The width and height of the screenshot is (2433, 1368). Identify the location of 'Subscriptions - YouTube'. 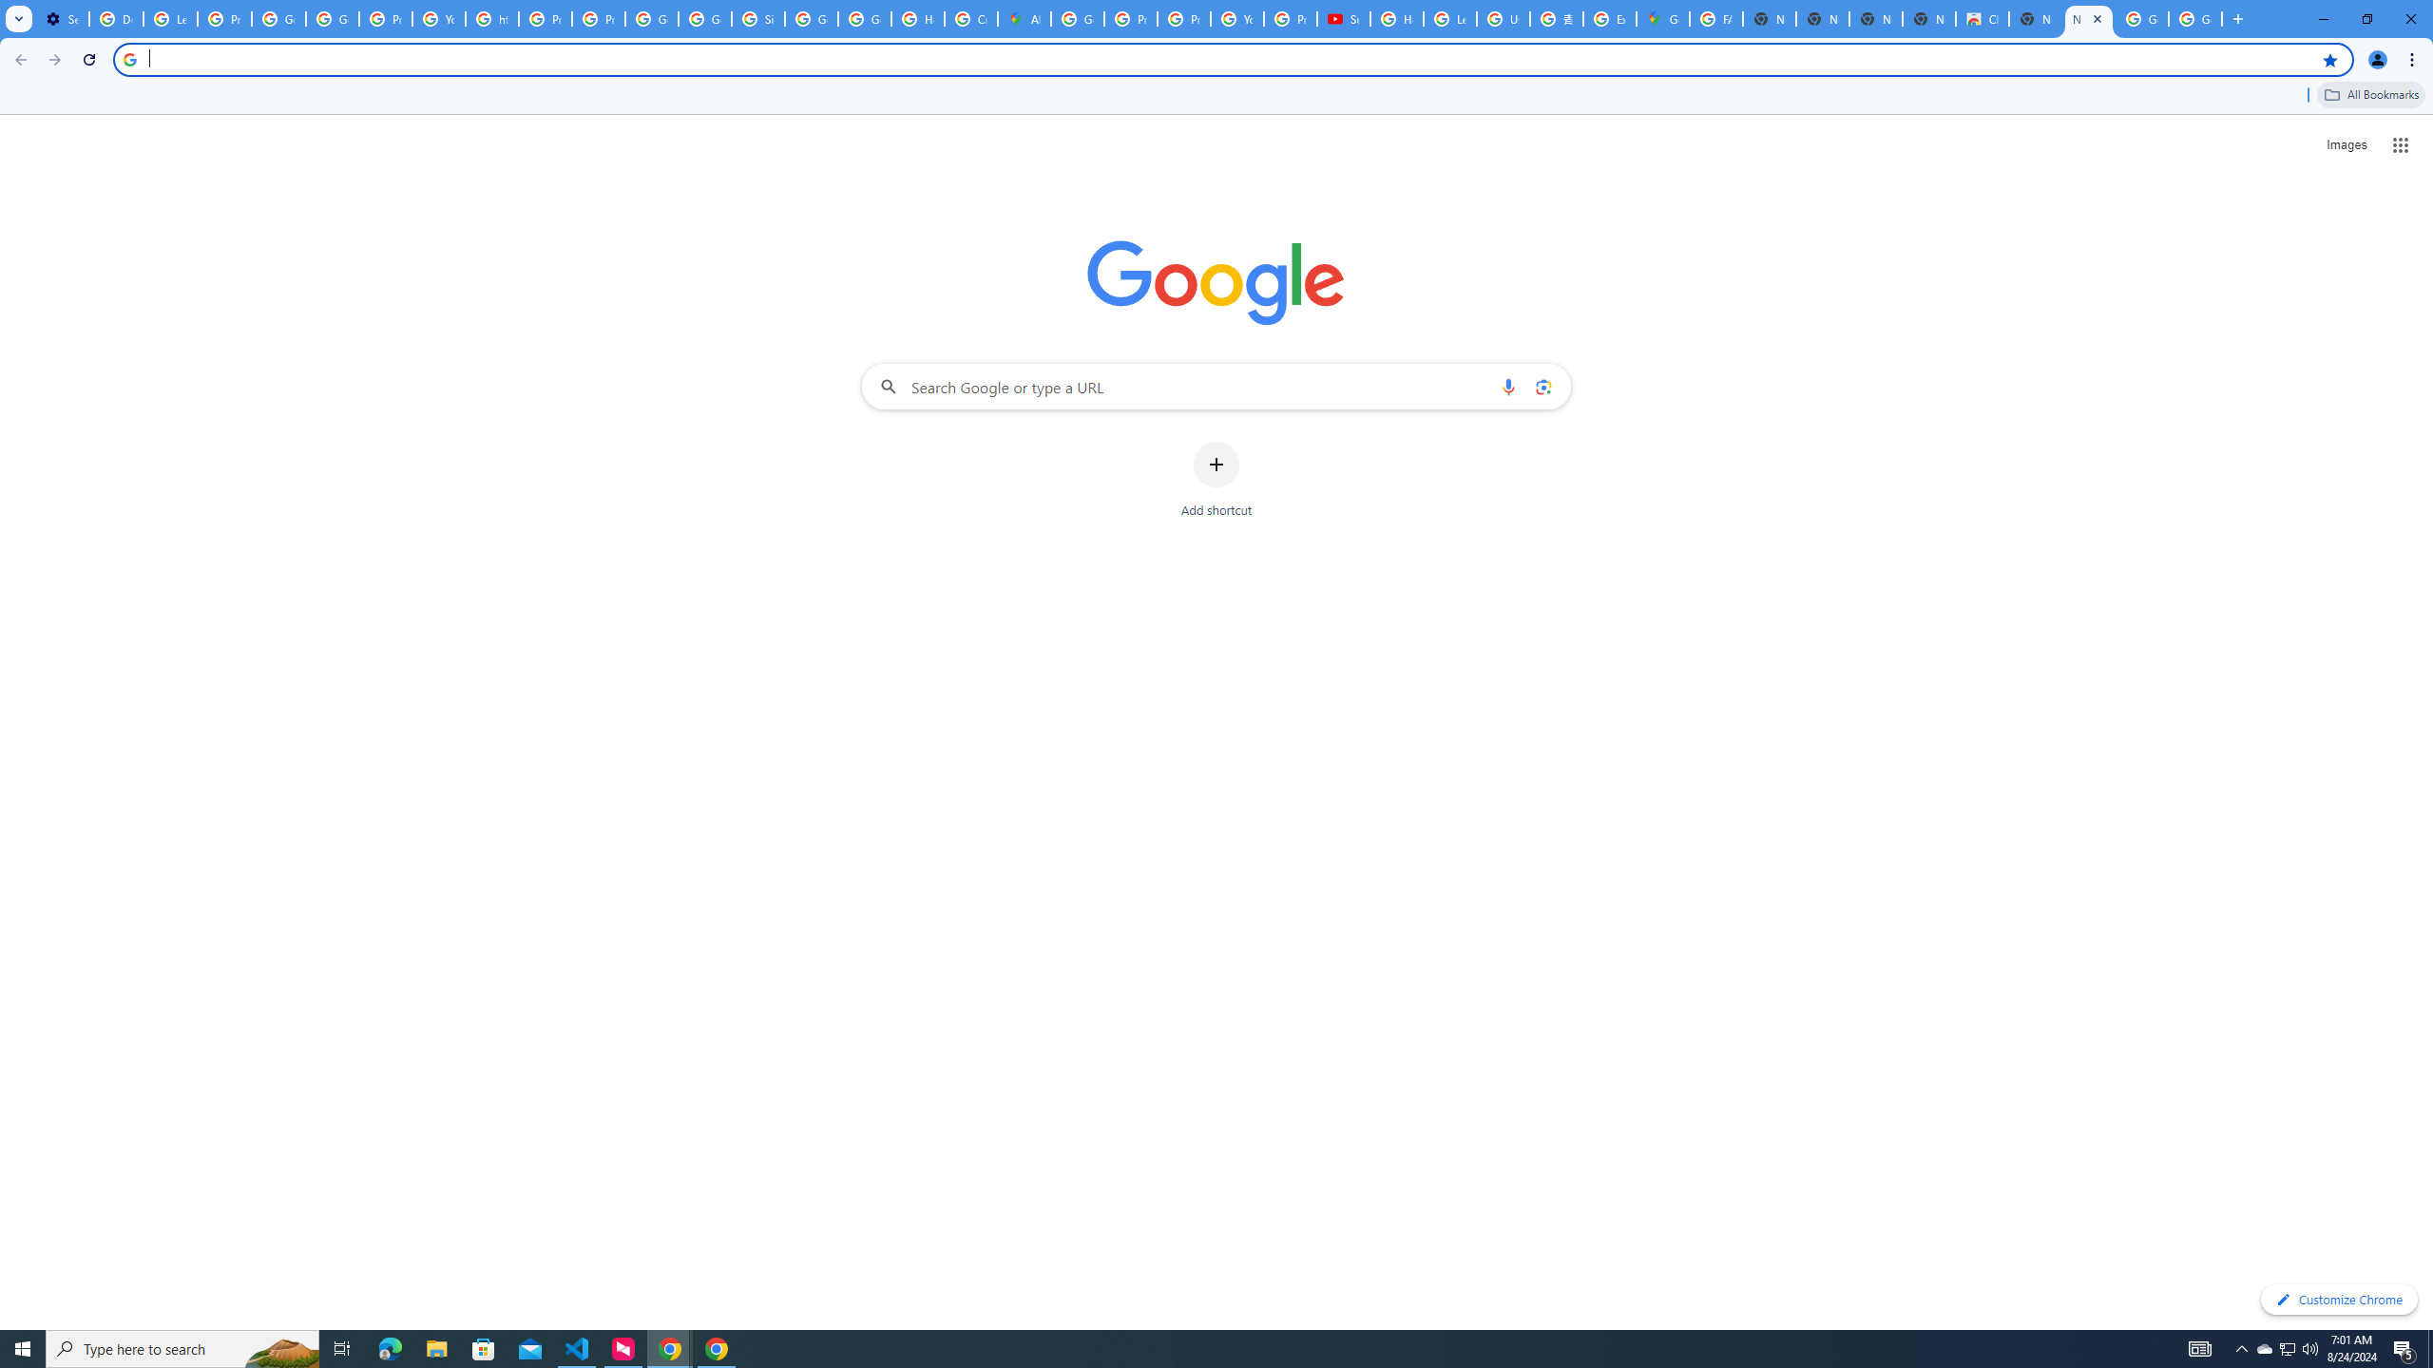
(1344, 18).